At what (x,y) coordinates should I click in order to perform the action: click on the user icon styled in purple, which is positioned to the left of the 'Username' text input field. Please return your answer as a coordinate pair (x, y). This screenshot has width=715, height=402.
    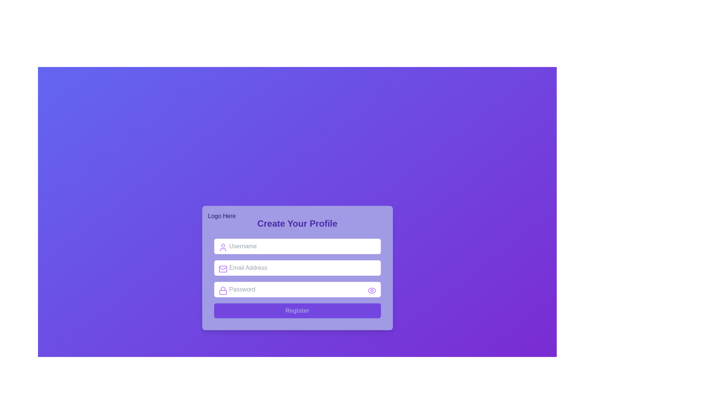
    Looking at the image, I should click on (222, 247).